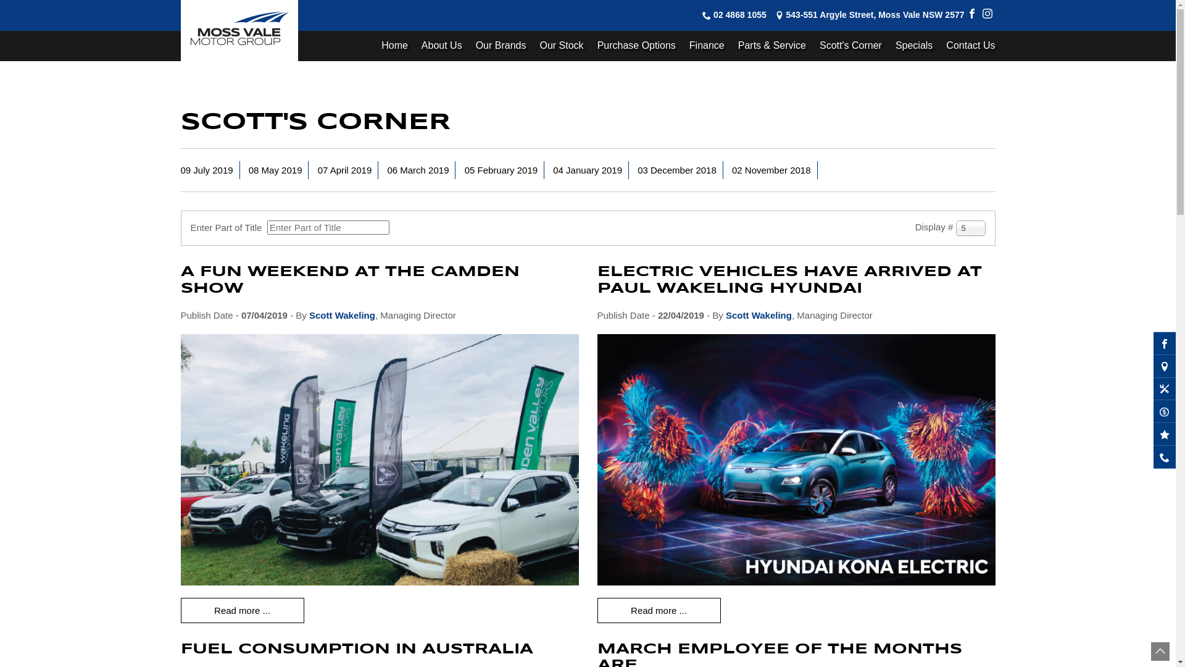 The image size is (1185, 667). What do you see at coordinates (355, 648) in the screenshot?
I see `'FUEL CONSUMPTION IN AUSTRALIA'` at bounding box center [355, 648].